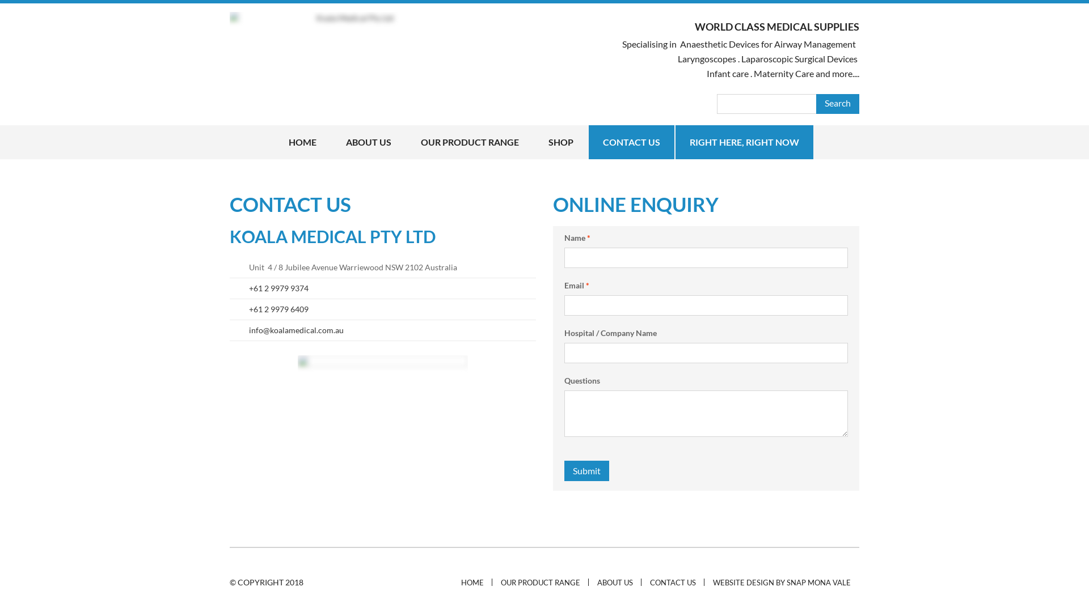 The width and height of the screenshot is (1089, 612). Describe the element at coordinates (744, 141) in the screenshot. I see `'RIGHT HERE, RIGHT NOW'` at that location.